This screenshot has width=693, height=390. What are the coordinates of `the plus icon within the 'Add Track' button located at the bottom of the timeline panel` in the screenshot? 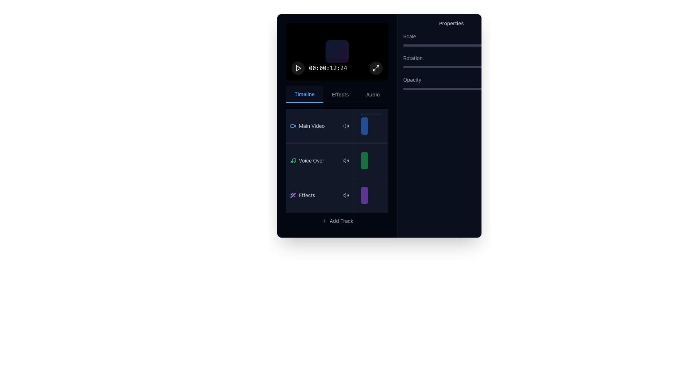 It's located at (323, 220).